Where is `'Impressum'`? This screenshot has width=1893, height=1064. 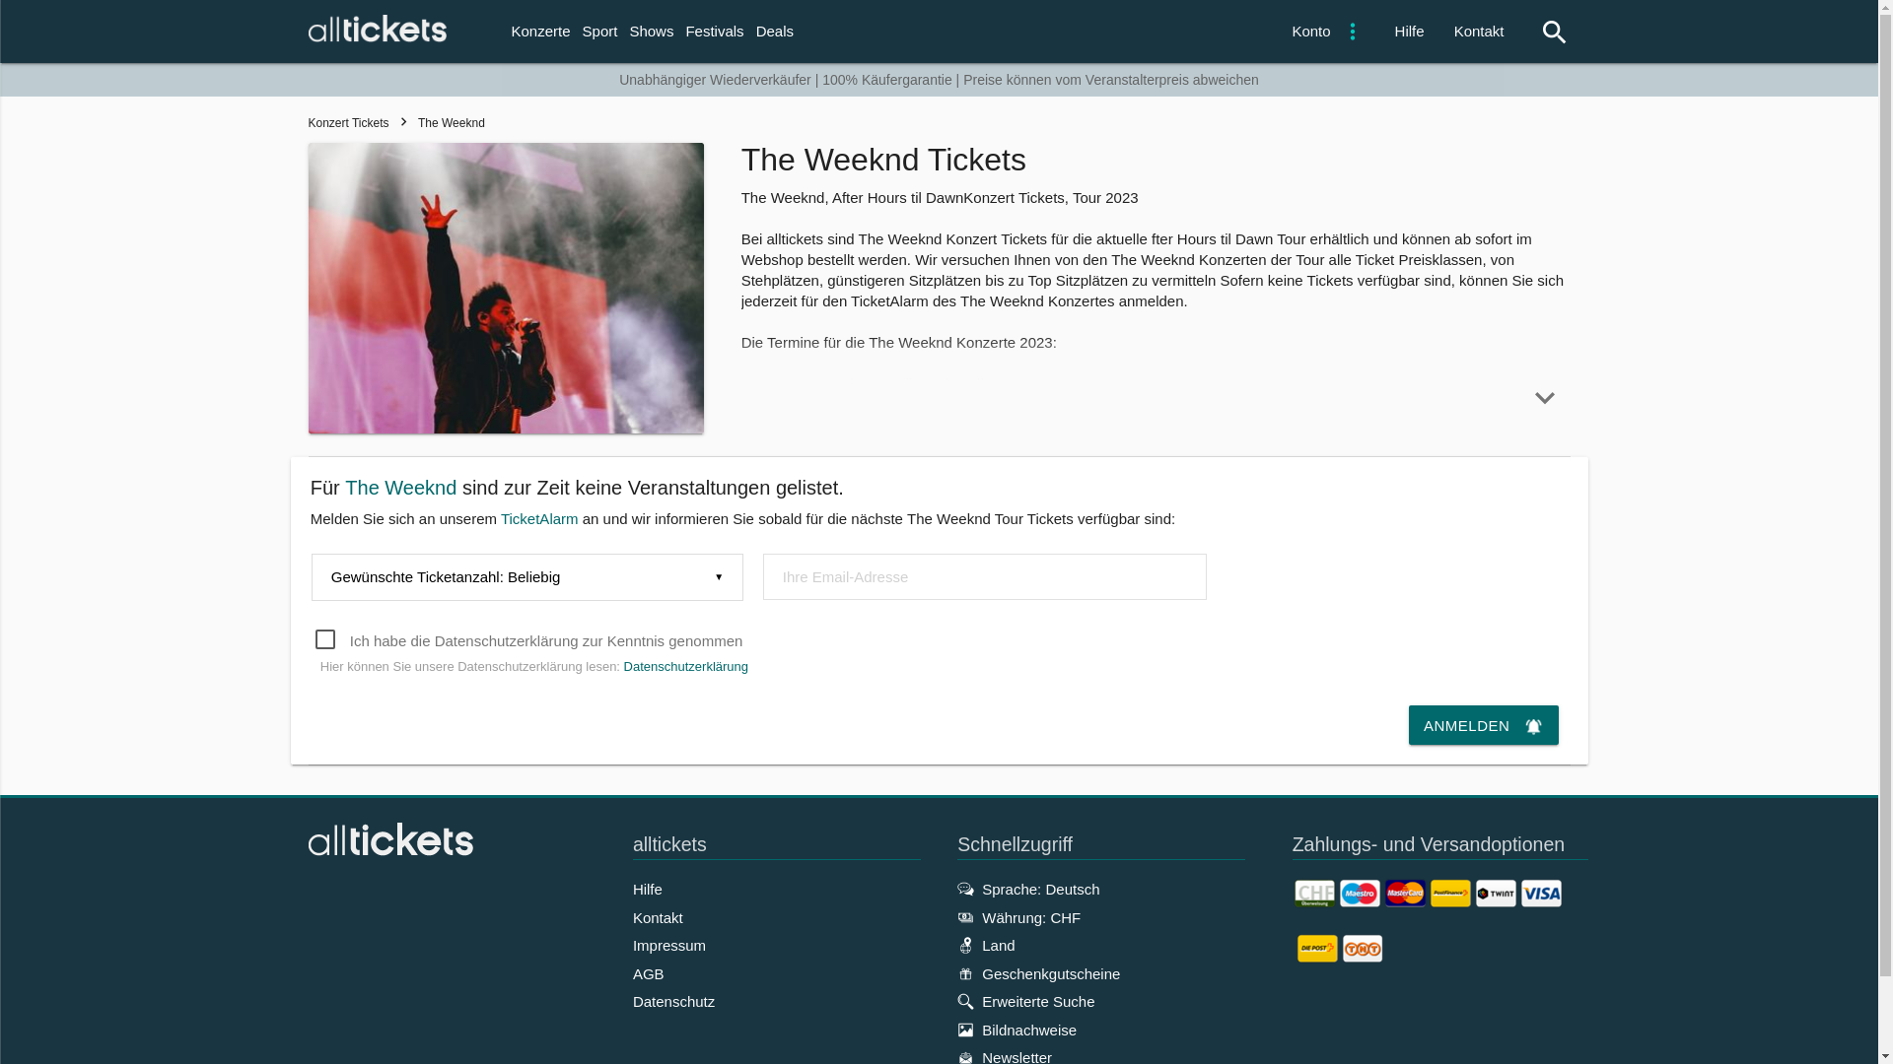
'Impressum' is located at coordinates (668, 944).